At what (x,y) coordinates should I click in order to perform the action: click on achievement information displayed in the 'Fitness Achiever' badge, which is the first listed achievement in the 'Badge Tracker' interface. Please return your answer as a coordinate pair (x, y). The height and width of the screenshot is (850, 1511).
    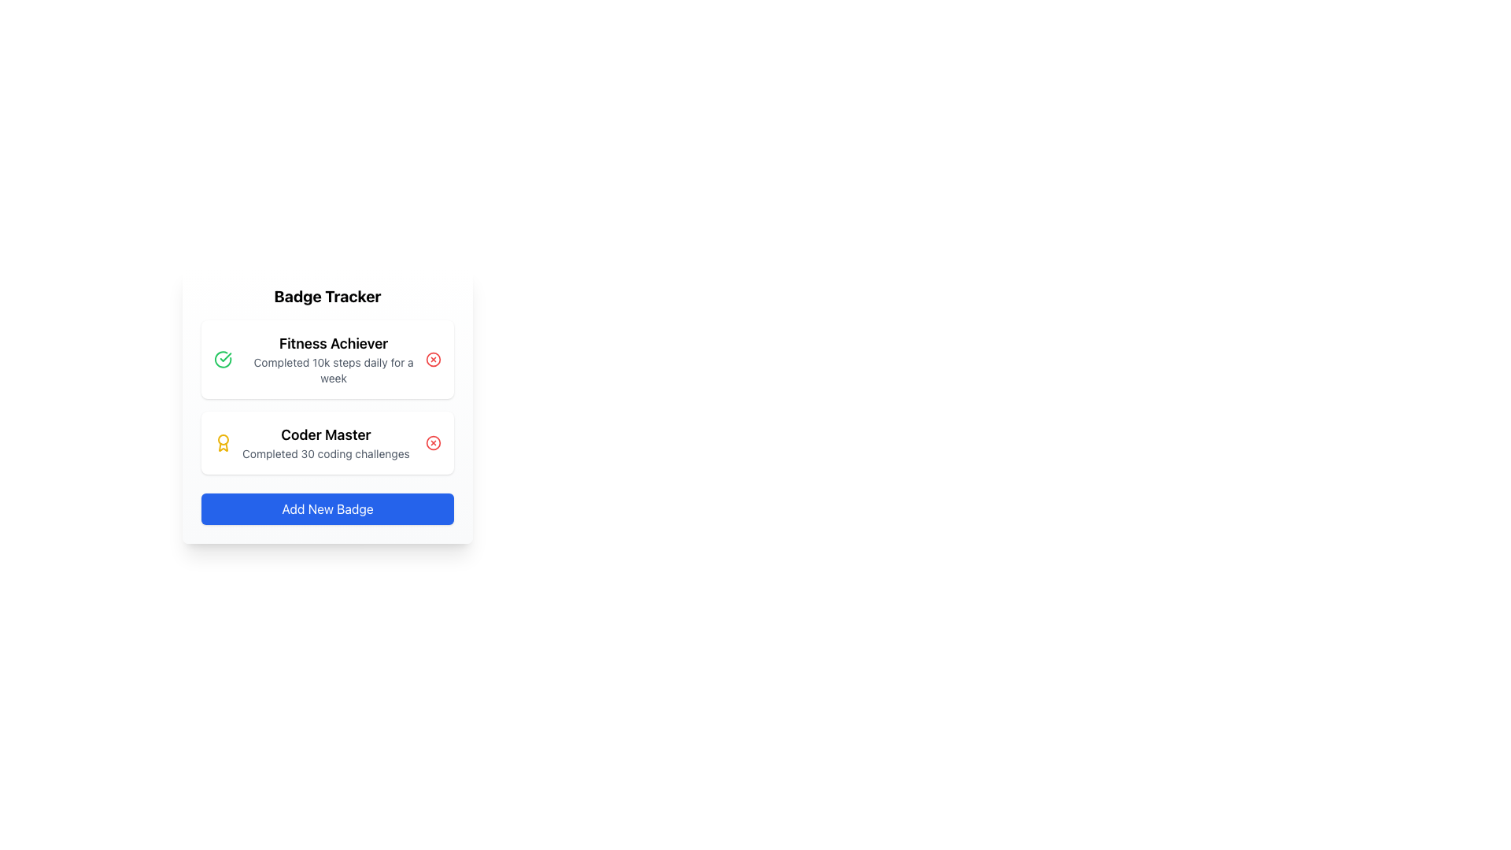
    Looking at the image, I should click on (333, 359).